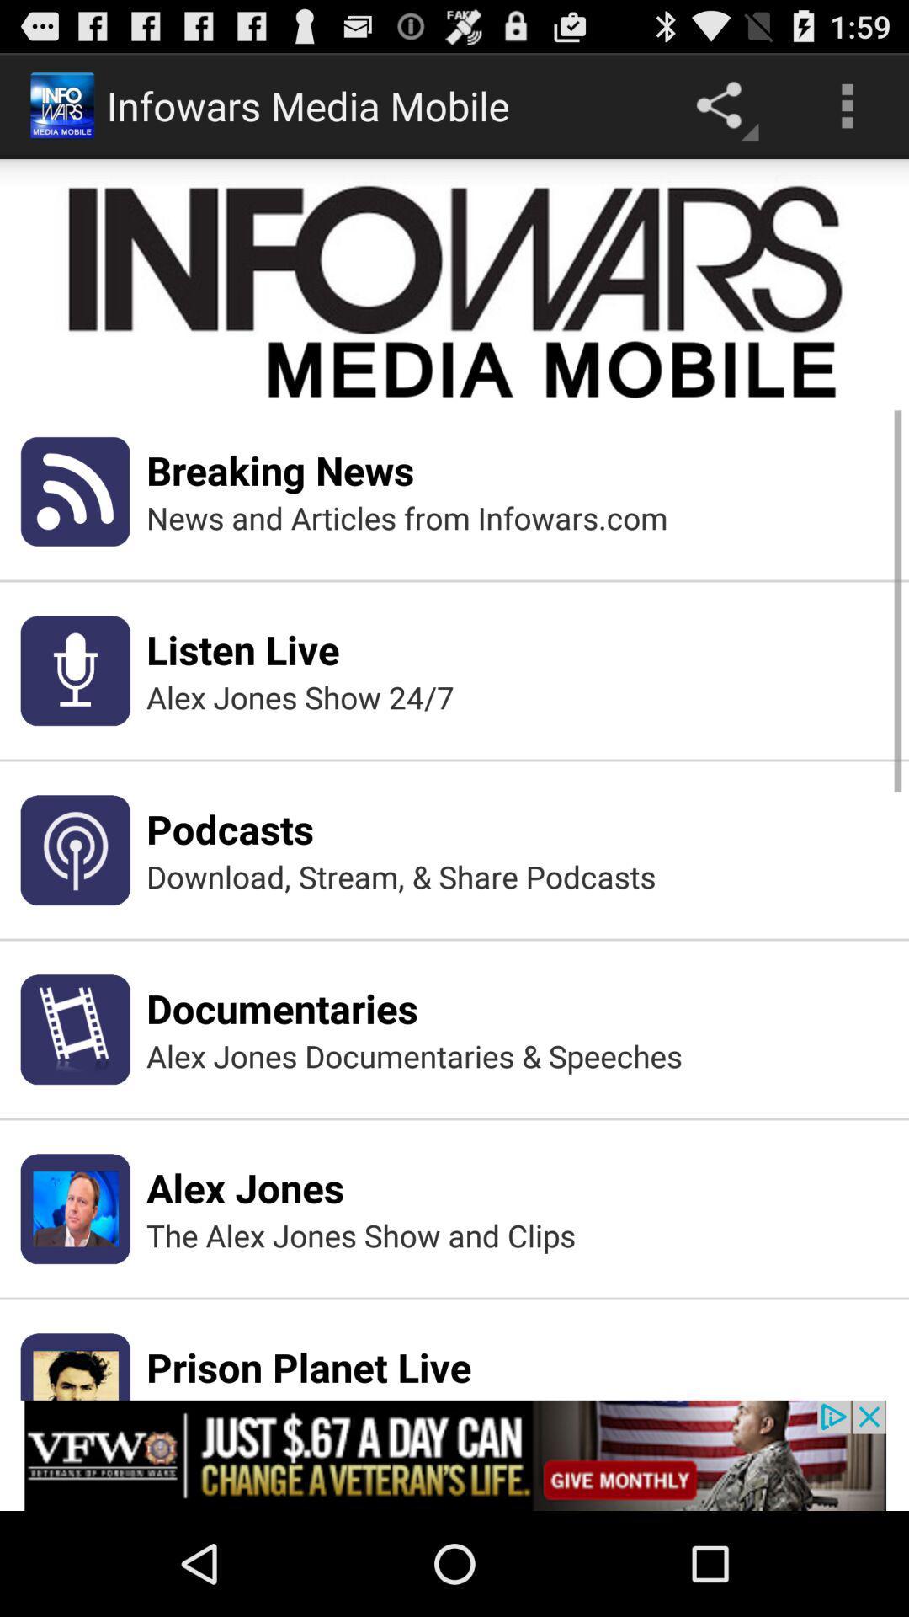 This screenshot has width=909, height=1617. I want to click on icon before alex jones, so click(74, 1208).